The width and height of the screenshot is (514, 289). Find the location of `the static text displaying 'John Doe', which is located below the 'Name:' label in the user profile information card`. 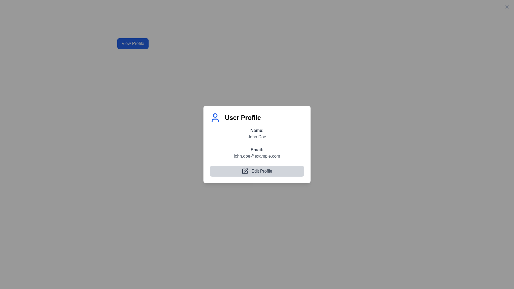

the static text displaying 'John Doe', which is located below the 'Name:' label in the user profile information card is located at coordinates (257, 136).